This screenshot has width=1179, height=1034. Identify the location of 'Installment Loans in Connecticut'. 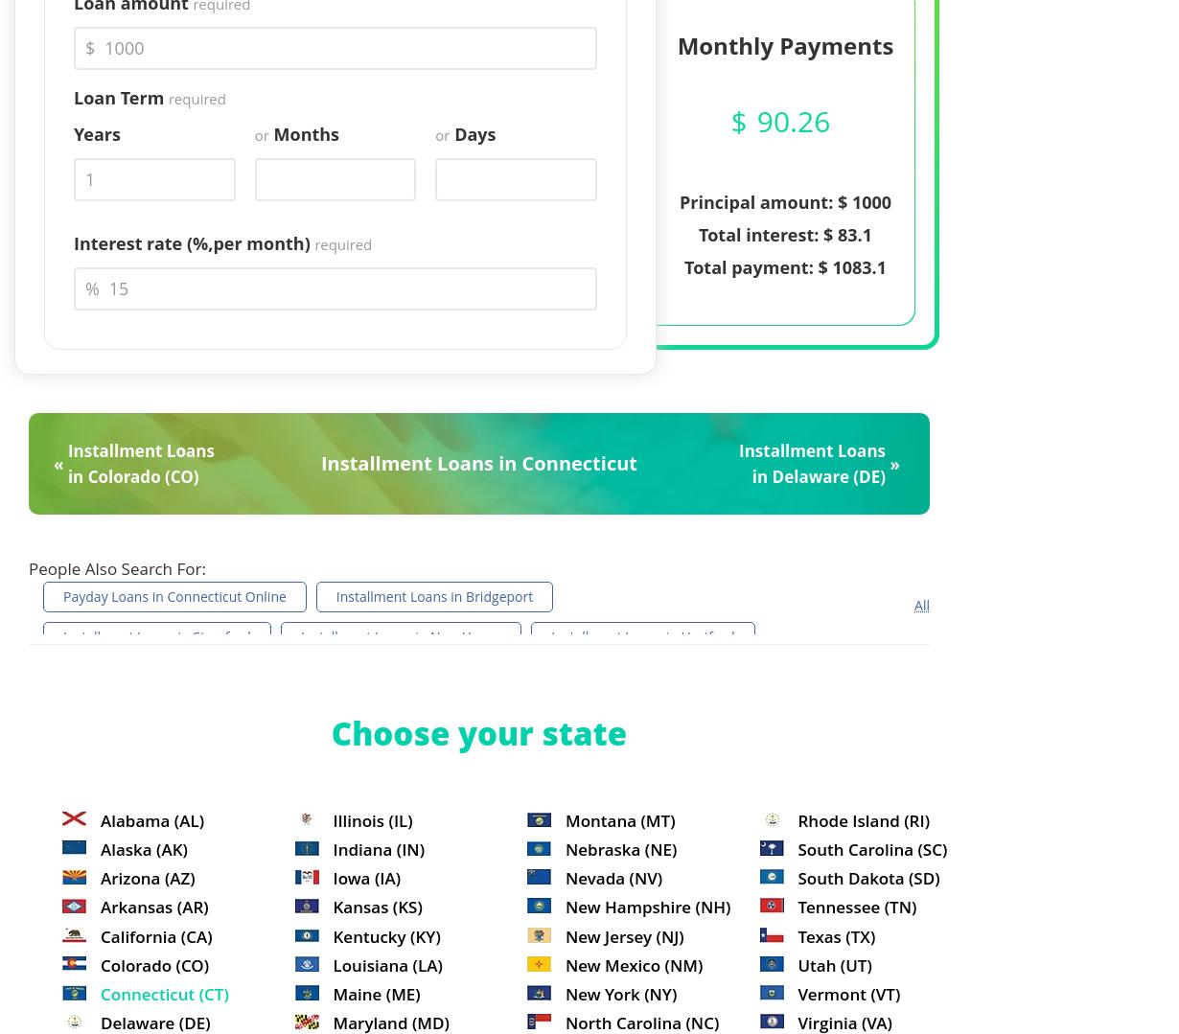
(477, 462).